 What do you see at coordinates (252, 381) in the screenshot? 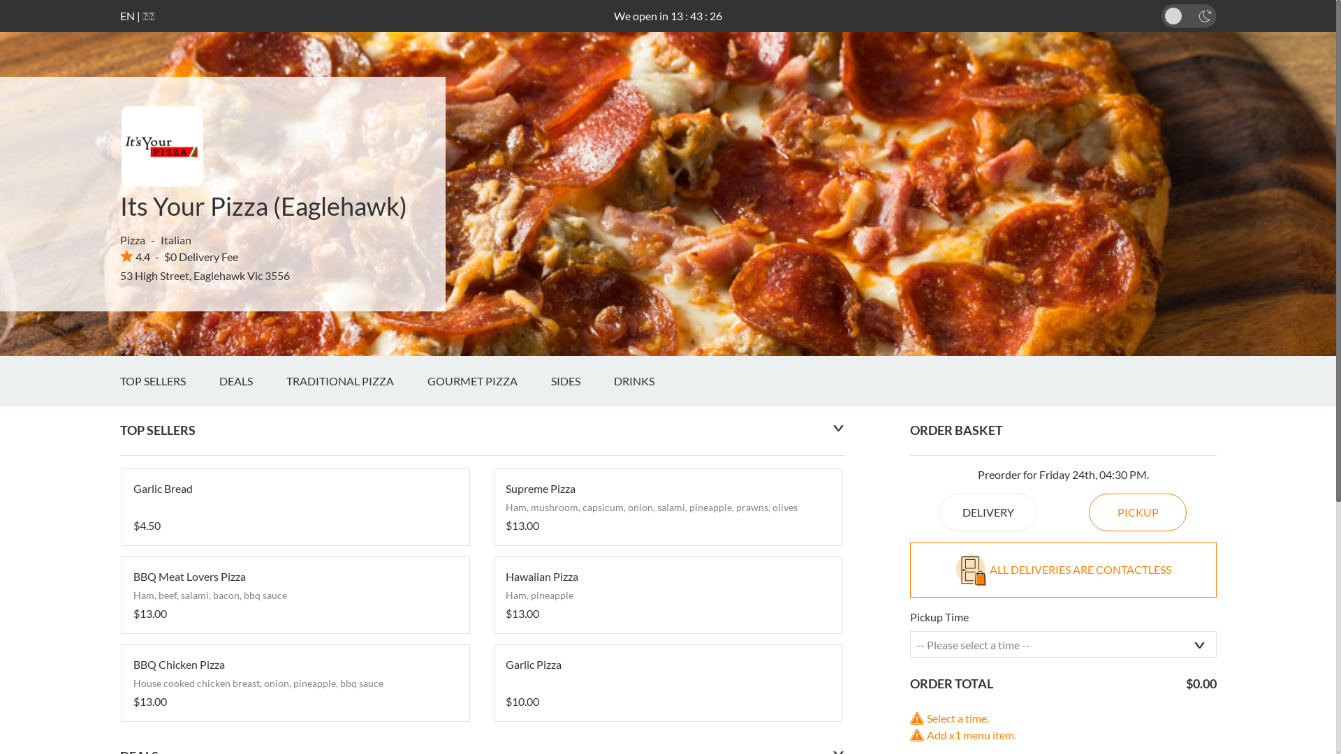
I see `'DEALS'` at bounding box center [252, 381].